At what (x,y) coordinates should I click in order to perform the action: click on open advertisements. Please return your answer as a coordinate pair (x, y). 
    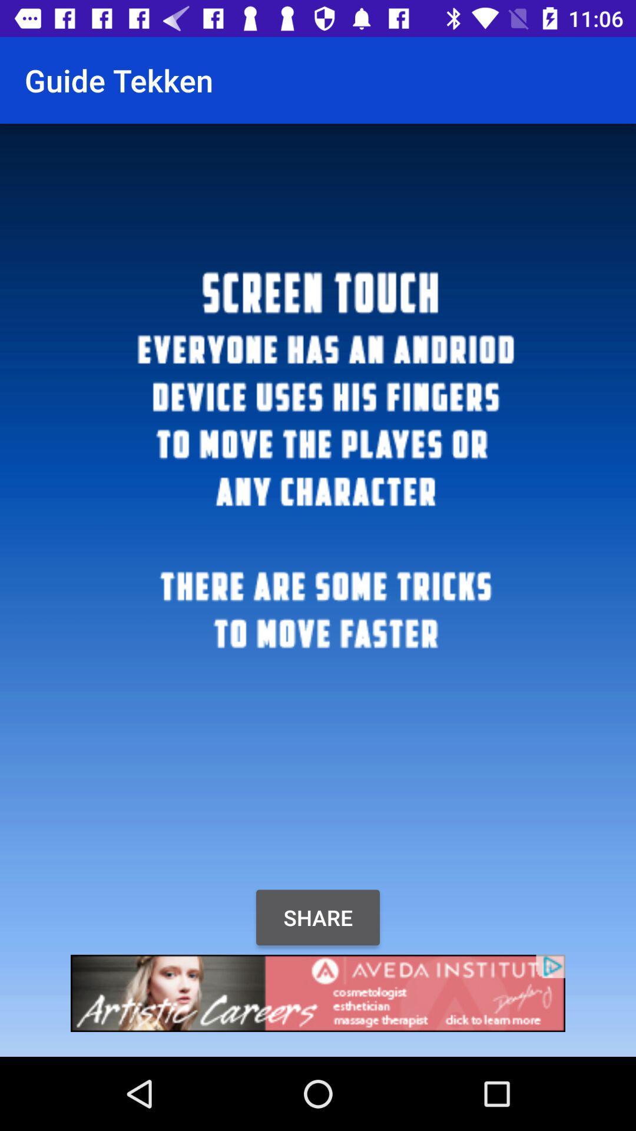
    Looking at the image, I should click on (318, 993).